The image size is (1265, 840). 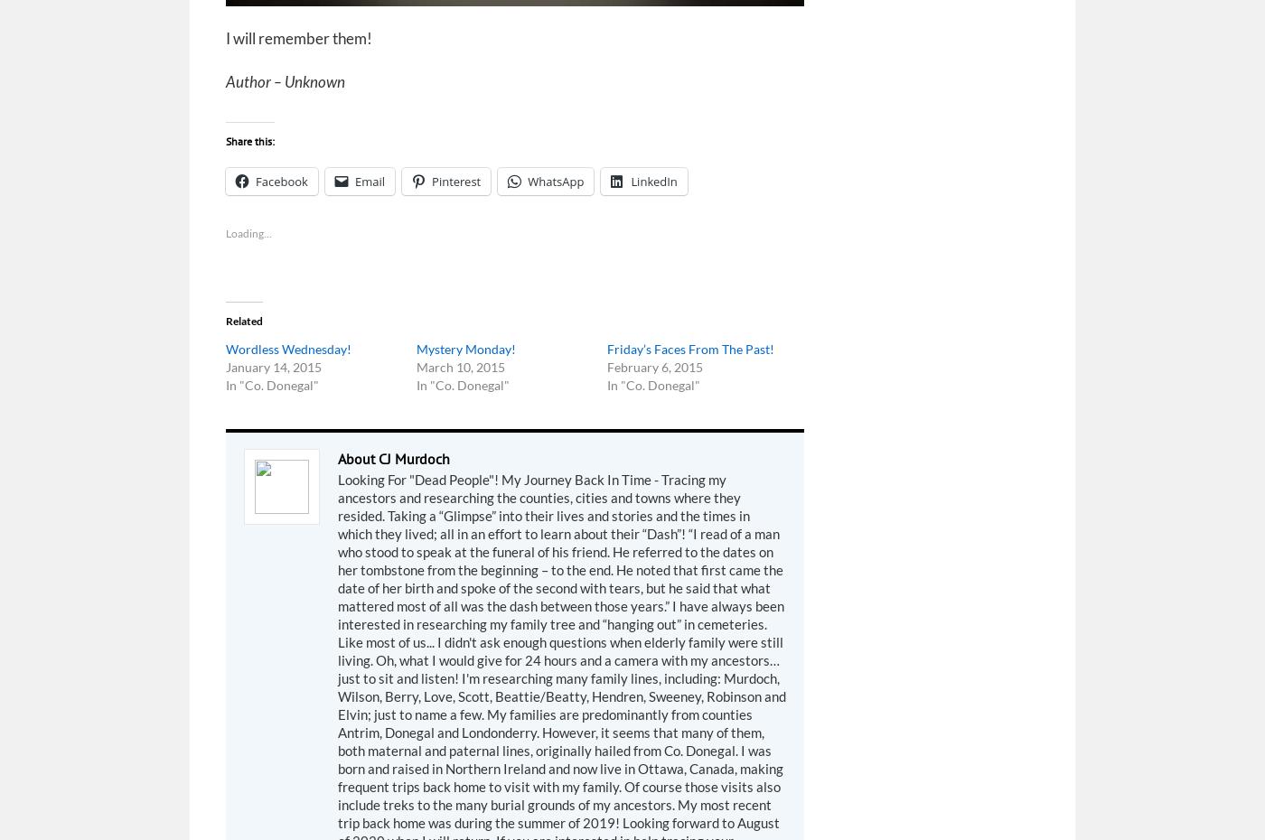 What do you see at coordinates (298, 36) in the screenshot?
I see `'I will remember them!'` at bounding box center [298, 36].